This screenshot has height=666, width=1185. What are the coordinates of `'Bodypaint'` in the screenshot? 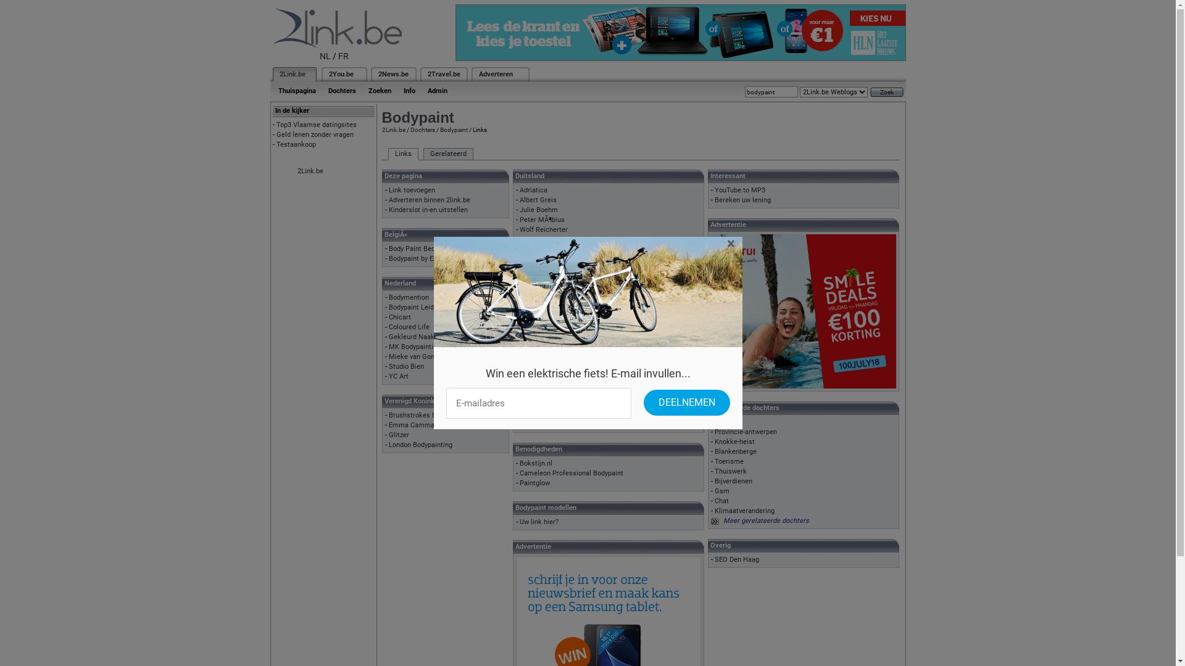 It's located at (439, 129).